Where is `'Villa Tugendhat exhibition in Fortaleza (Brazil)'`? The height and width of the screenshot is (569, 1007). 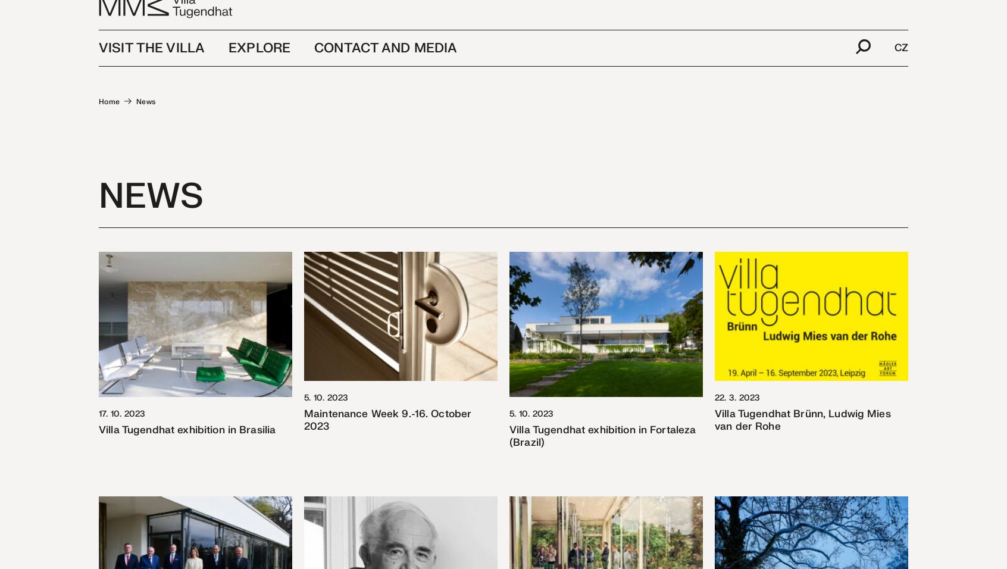
'Villa Tugendhat exhibition in Fortaleza (Brazil)' is located at coordinates (602, 435).